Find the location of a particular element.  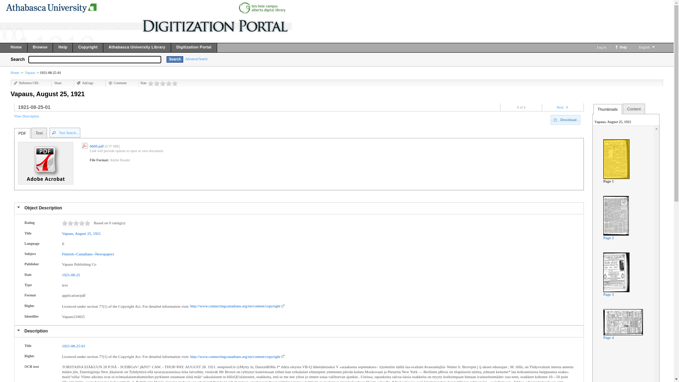

'Help' is located at coordinates (52, 48).